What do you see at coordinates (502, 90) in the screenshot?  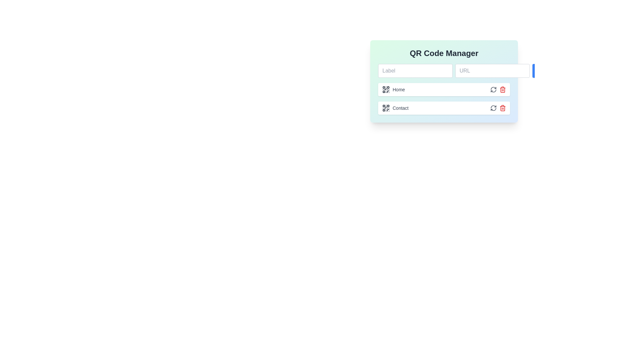 I see `the delete button icon in the QR Code Manager to change its color` at bounding box center [502, 90].